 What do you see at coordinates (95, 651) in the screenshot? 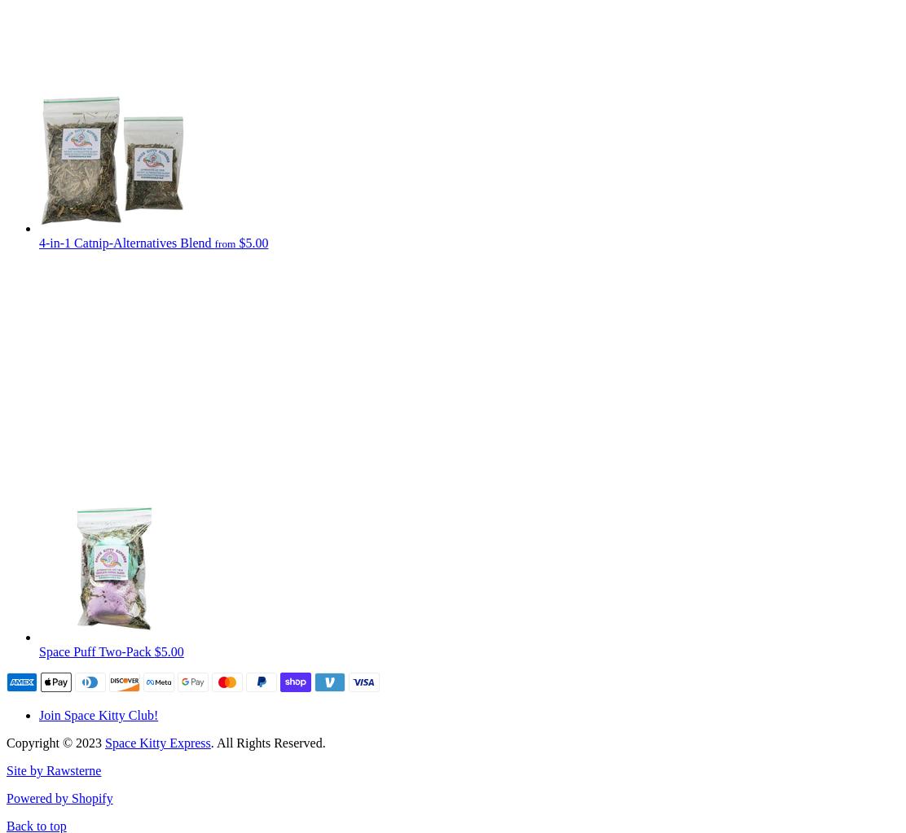
I see `'Space Puff Two-Pack'` at bounding box center [95, 651].